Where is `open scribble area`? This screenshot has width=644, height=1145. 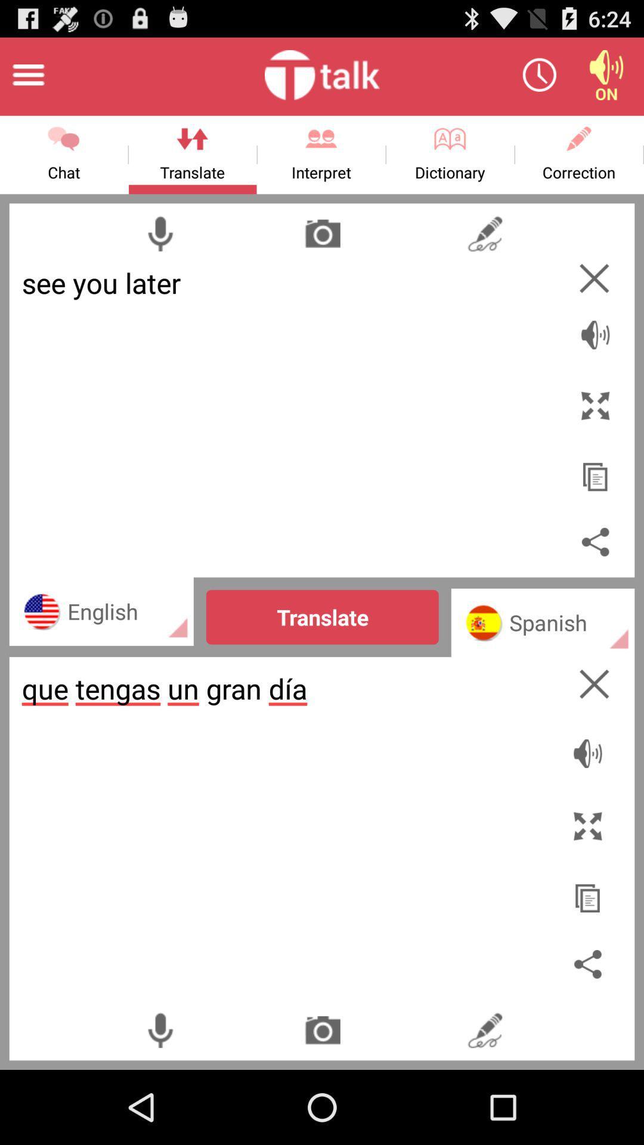 open scribble area is located at coordinates (485, 233).